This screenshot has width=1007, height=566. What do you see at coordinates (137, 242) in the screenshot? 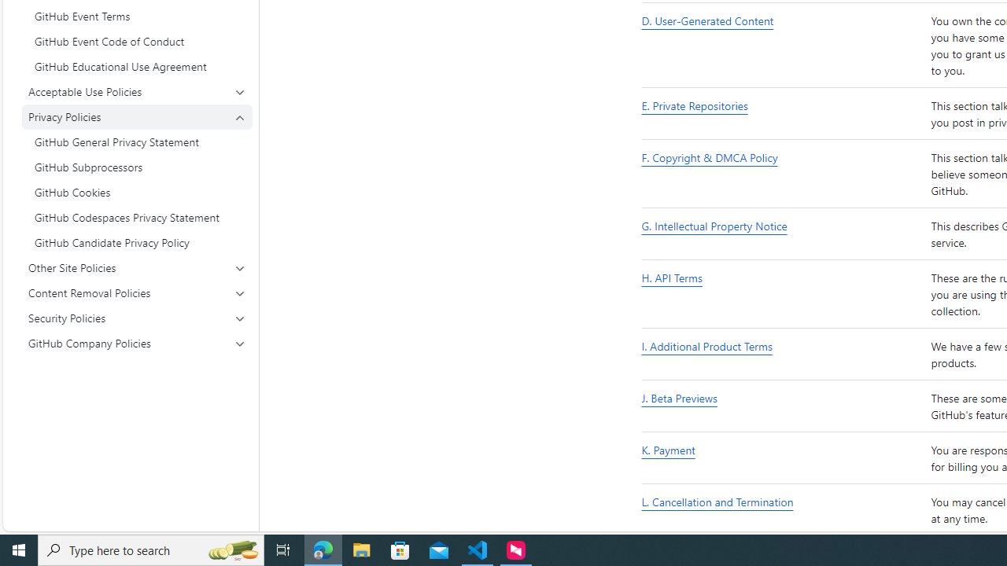
I see `'GitHub Candidate Privacy Policy'` at bounding box center [137, 242].